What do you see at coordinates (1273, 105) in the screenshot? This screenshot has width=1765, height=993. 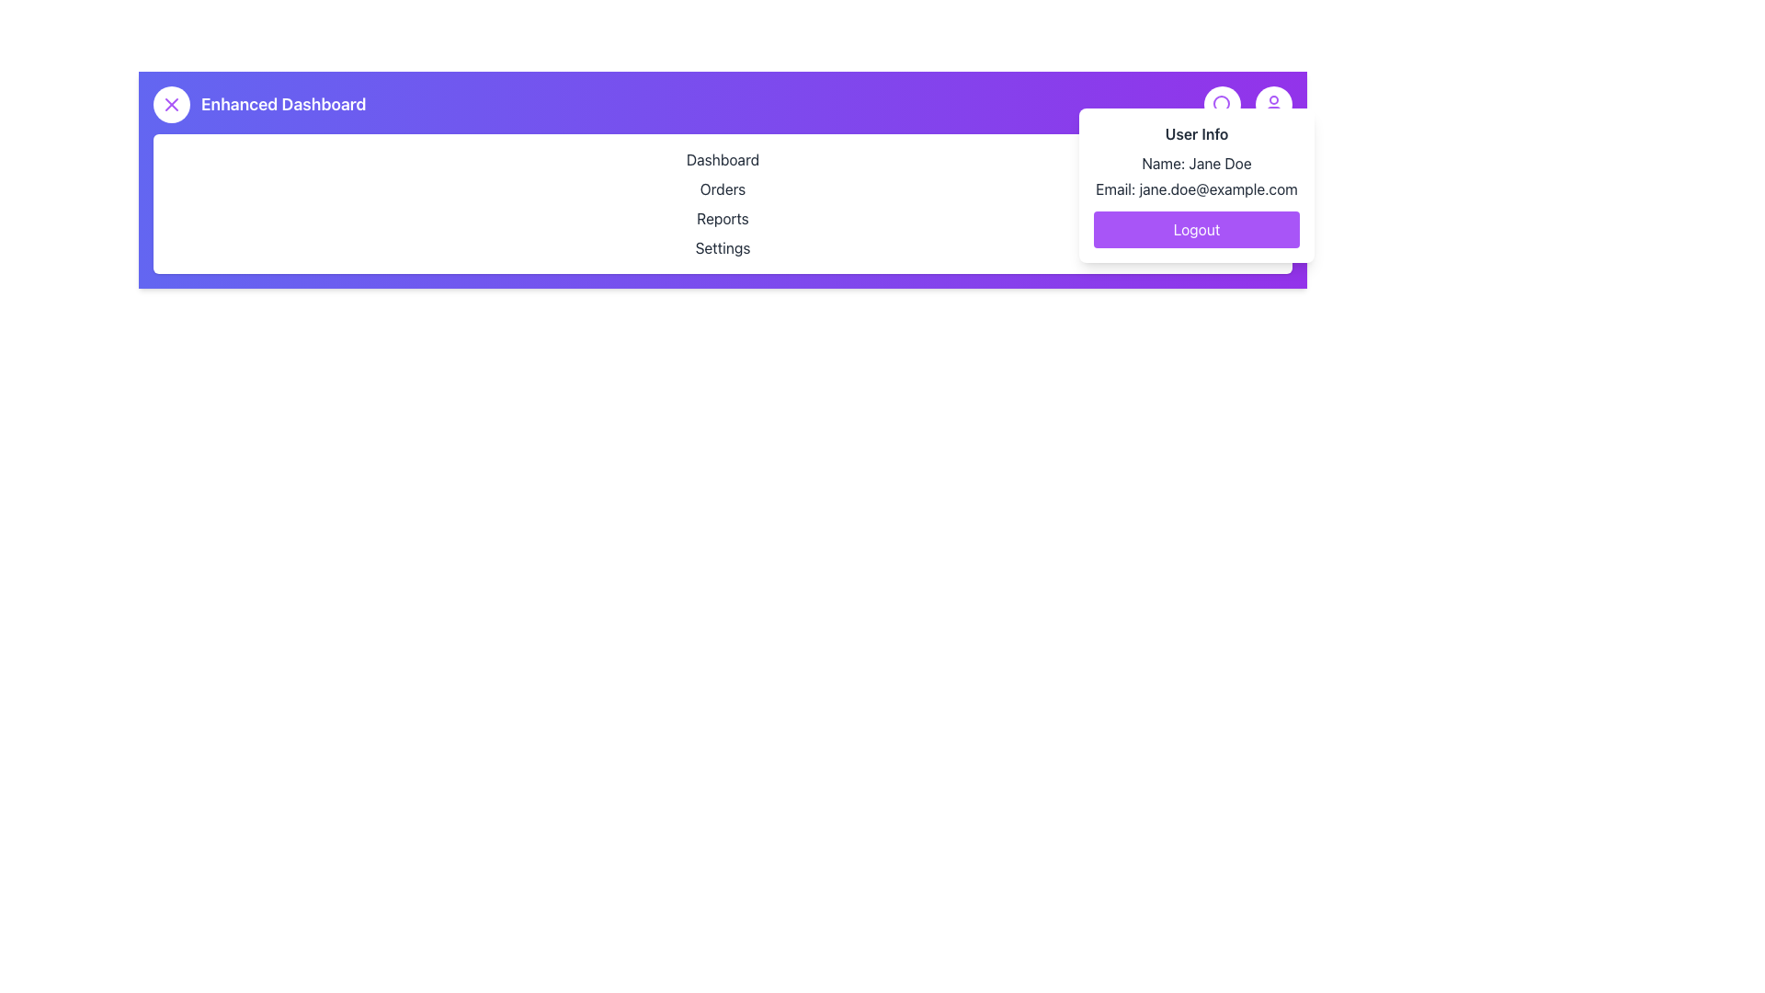 I see `the user profile button located at the top-right corner of the interface` at bounding box center [1273, 105].